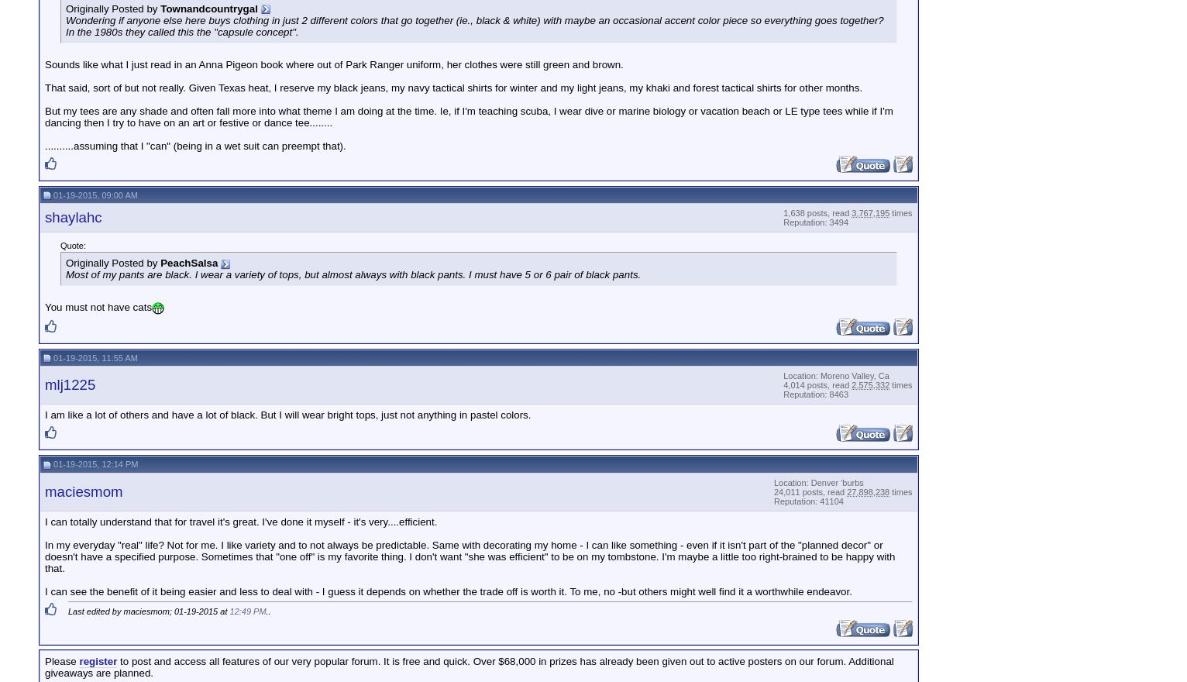 This screenshot has width=1187, height=682. Describe the element at coordinates (470, 556) in the screenshot. I see `'In my everyday "real" life? Not for me. I like variety and to not always be predictable. Same with decorating my home - I can like something - even if it isn't part of the "planned decor" or doesn't have a specified purpose. Sometimes that "one off" is my favorite thing. I don't want "she was efficient" to be on my tombstone. I'm maybe a little too right-brained to be happy with that.'` at that location.